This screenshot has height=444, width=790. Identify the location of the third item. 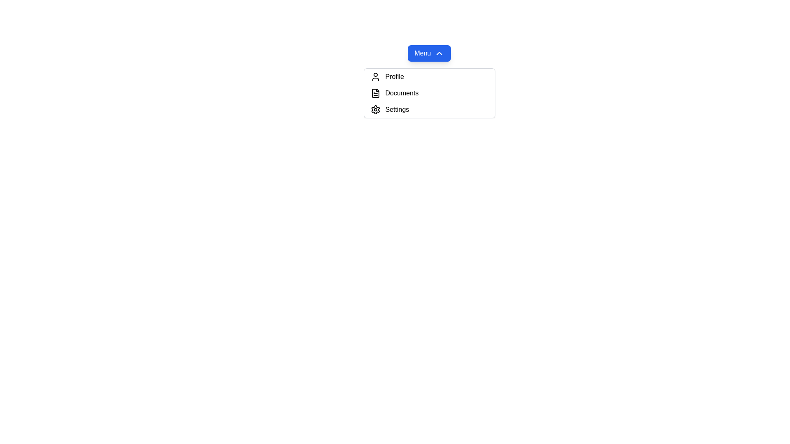
(429, 109).